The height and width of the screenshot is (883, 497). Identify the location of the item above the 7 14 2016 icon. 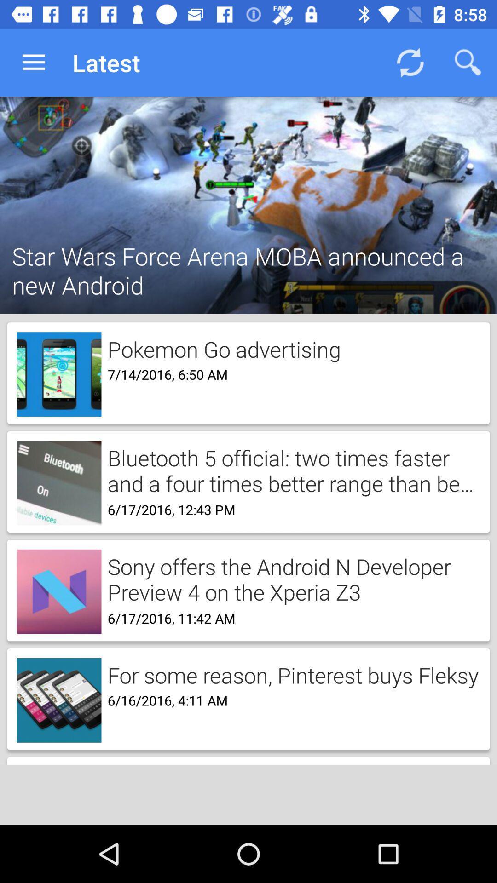
(221, 347).